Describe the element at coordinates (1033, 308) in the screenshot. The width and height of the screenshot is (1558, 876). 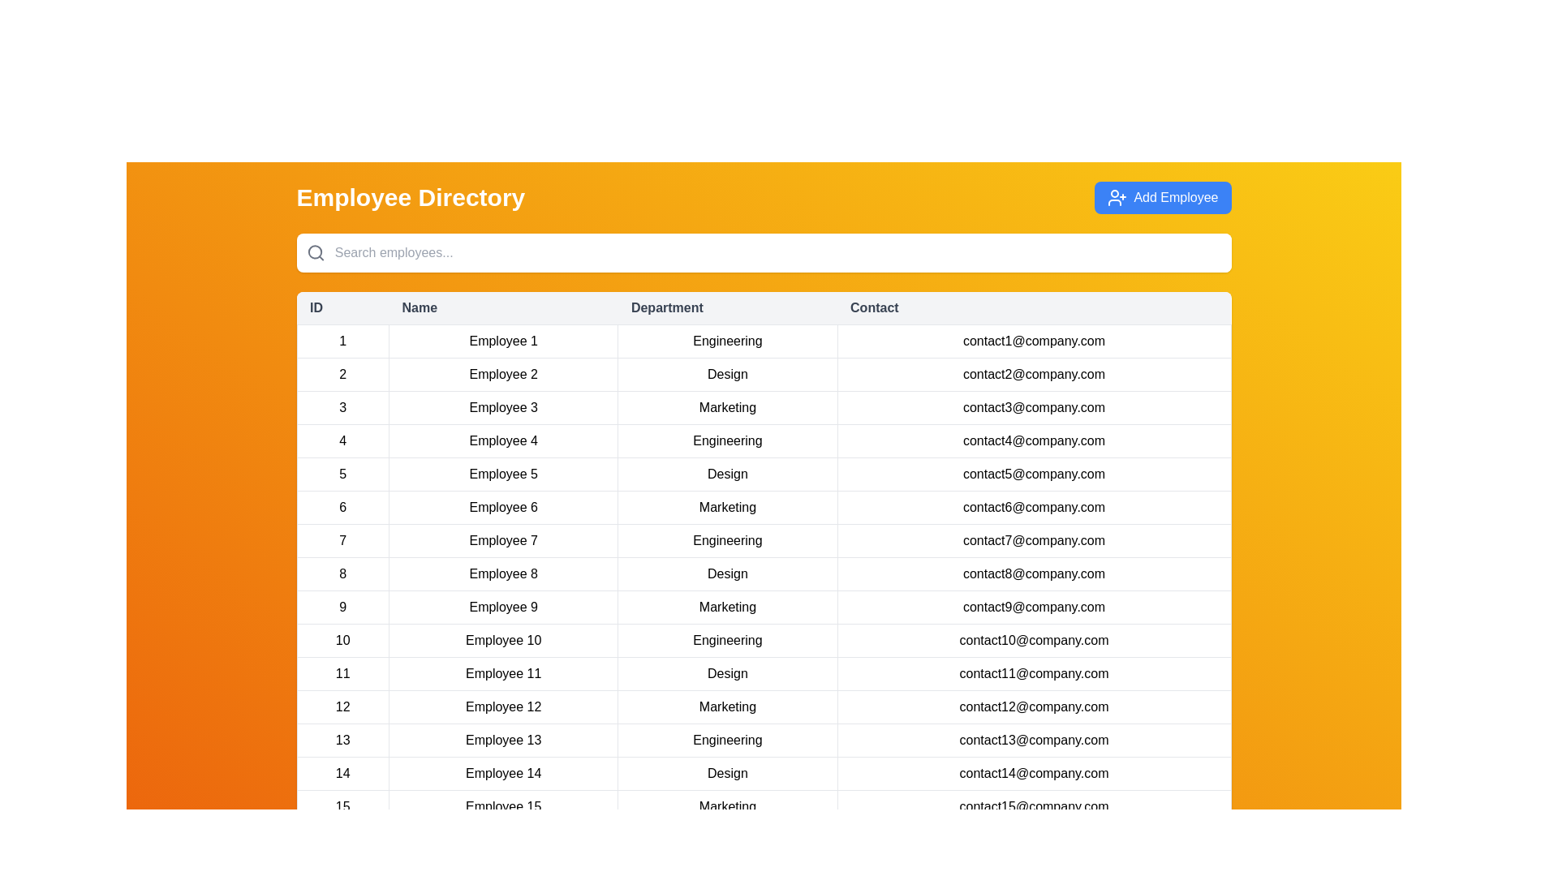
I see `the column header Contact to sort the table by that column` at that location.